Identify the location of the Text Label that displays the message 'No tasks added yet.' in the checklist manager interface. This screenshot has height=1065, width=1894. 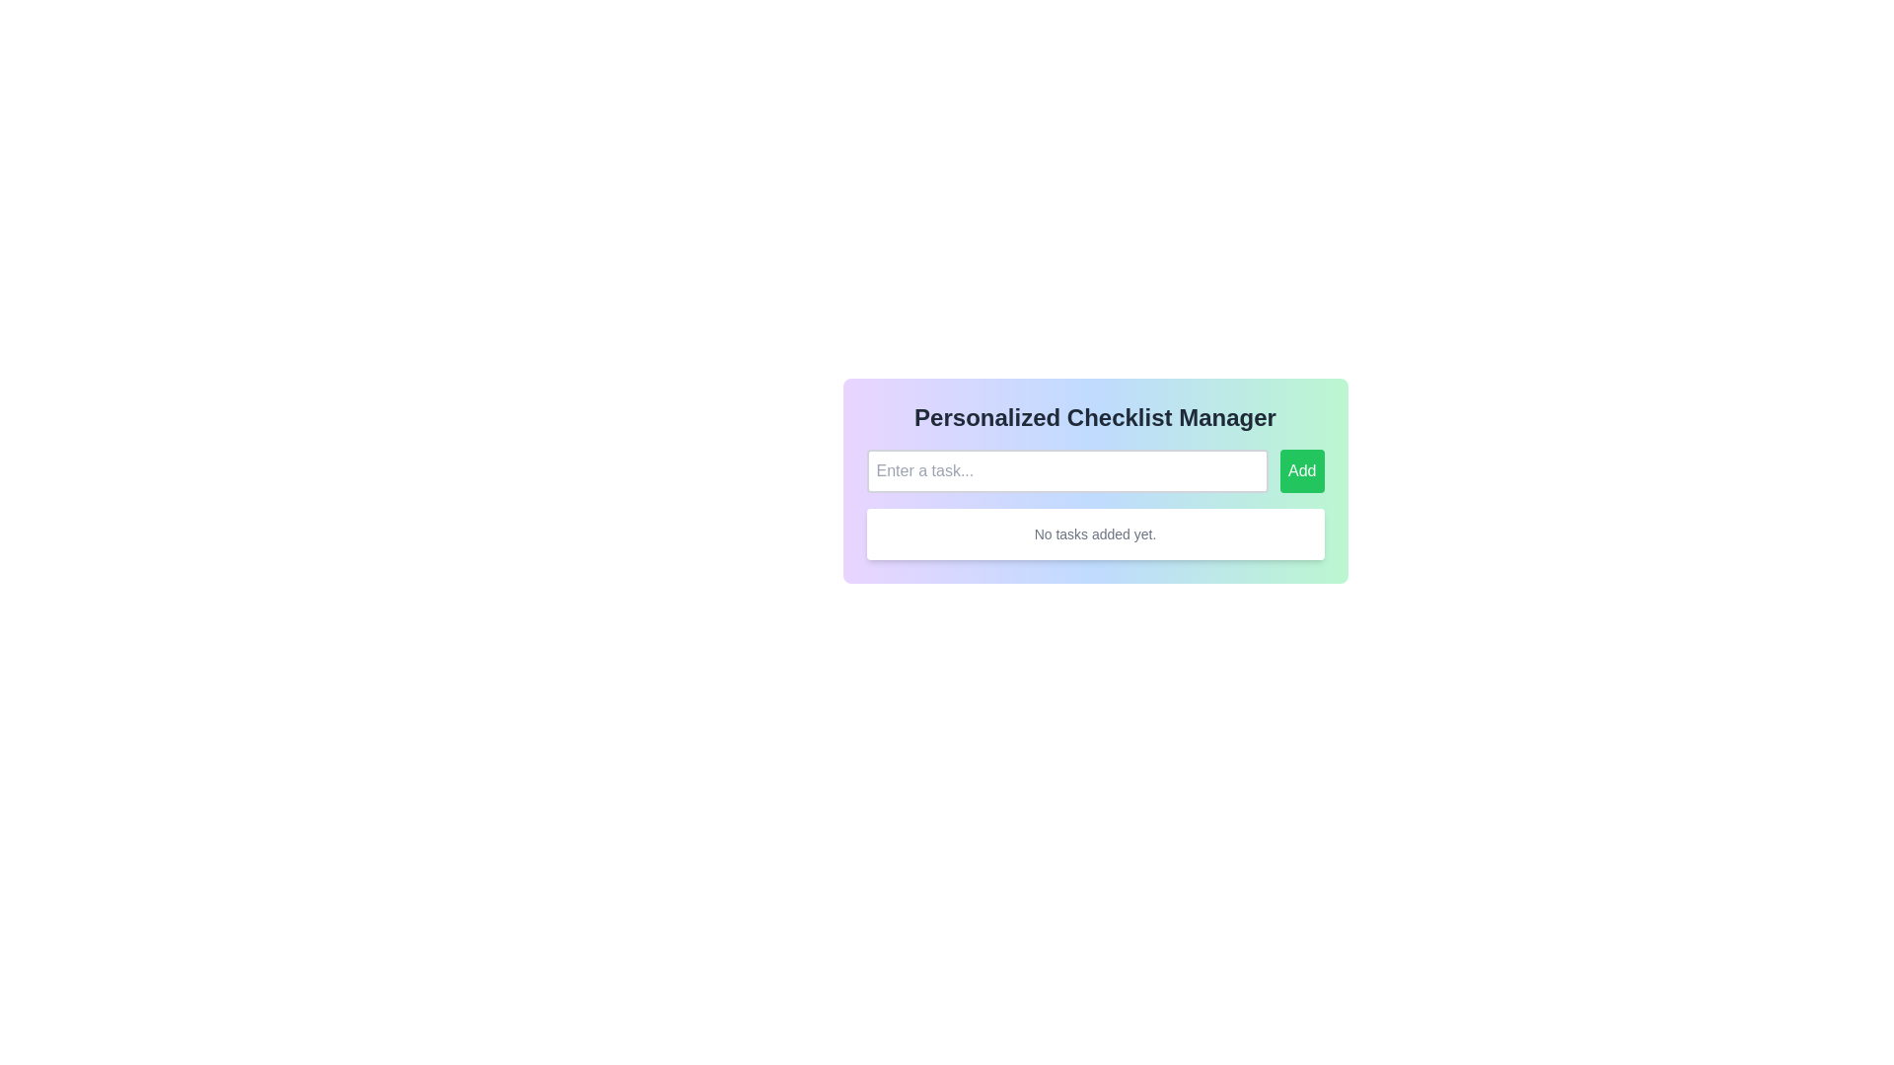
(1094, 534).